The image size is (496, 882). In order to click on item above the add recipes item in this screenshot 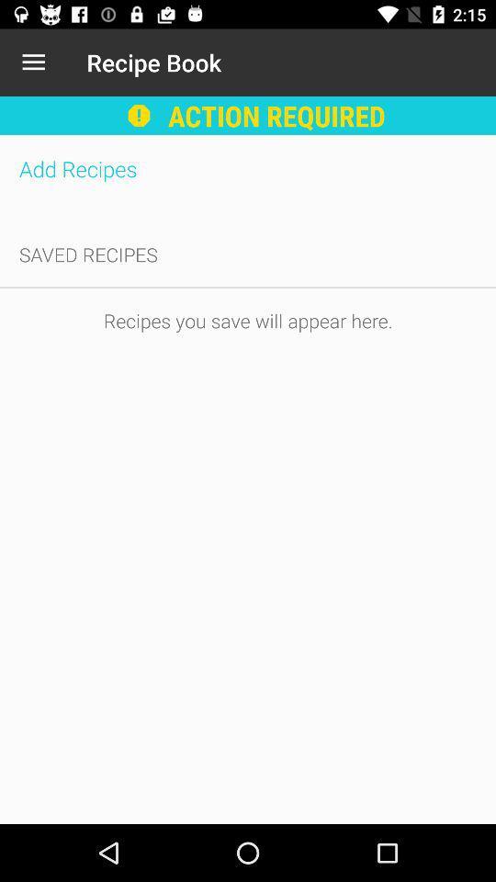, I will do `click(33, 62)`.